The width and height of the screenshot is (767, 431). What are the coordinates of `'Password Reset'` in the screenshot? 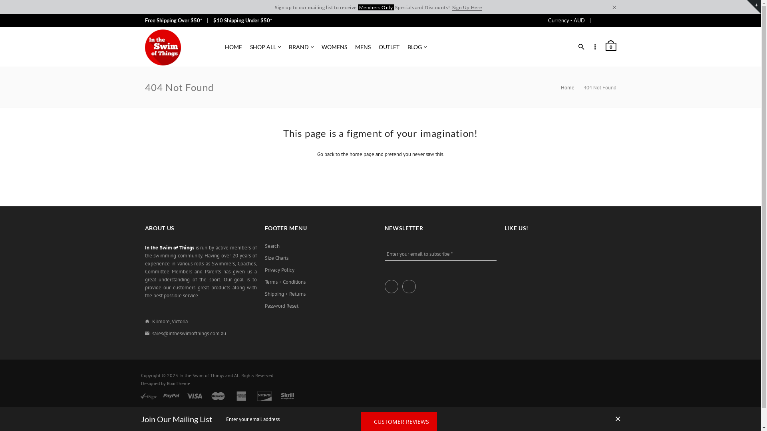 It's located at (281, 306).